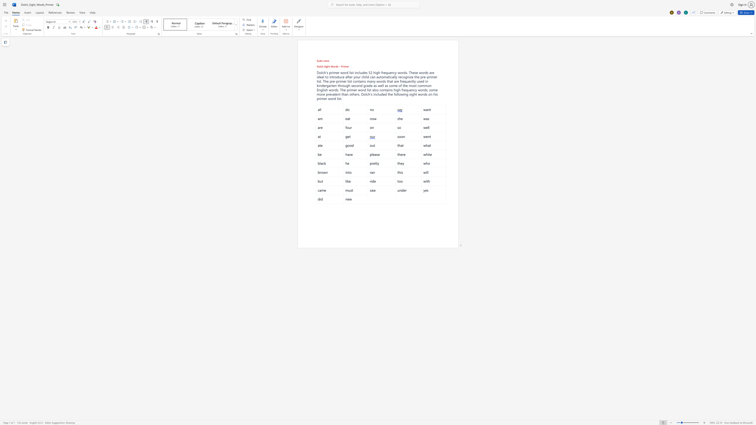  What do you see at coordinates (362, 94) in the screenshot?
I see `the 1th character "D" in the text` at bounding box center [362, 94].